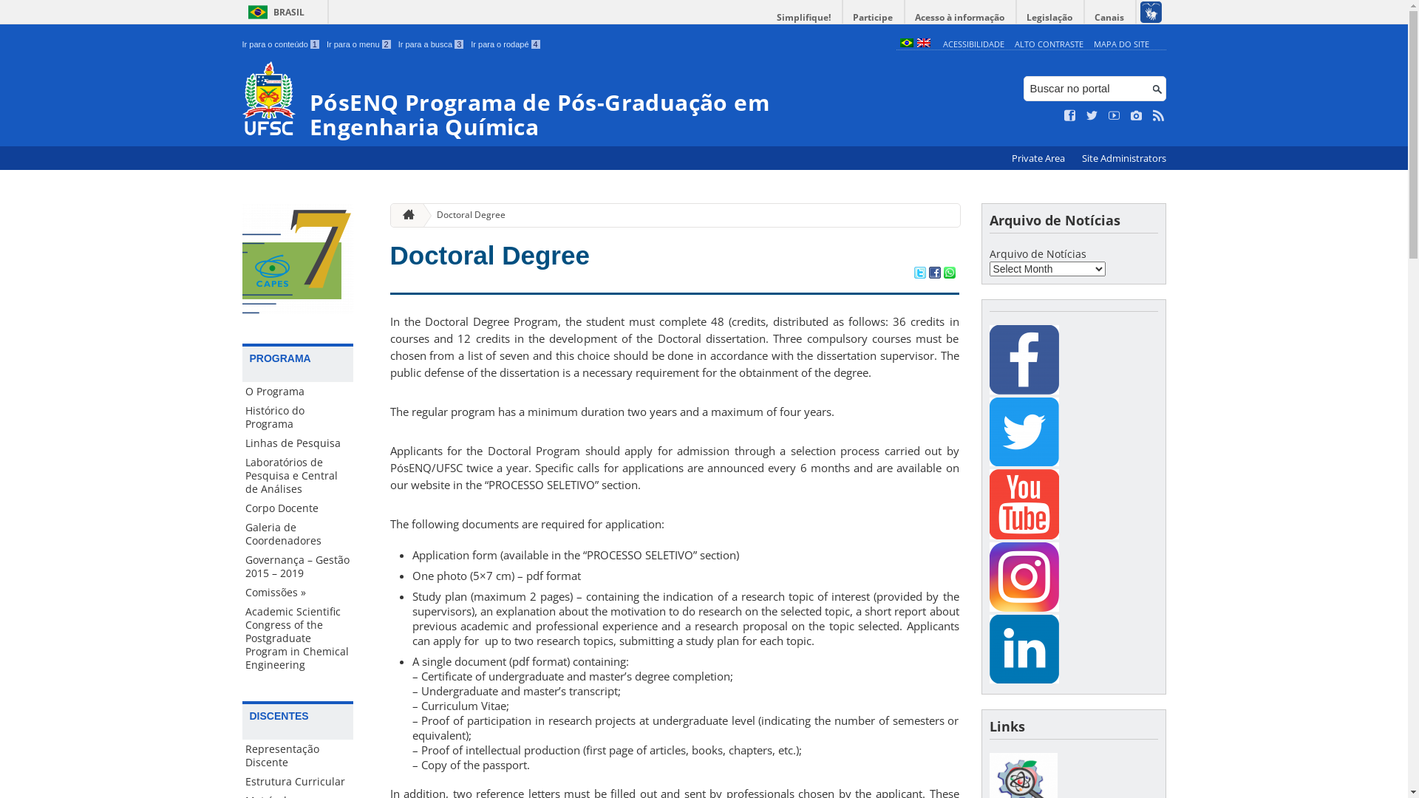  I want to click on 'BRASIL', so click(273, 12).